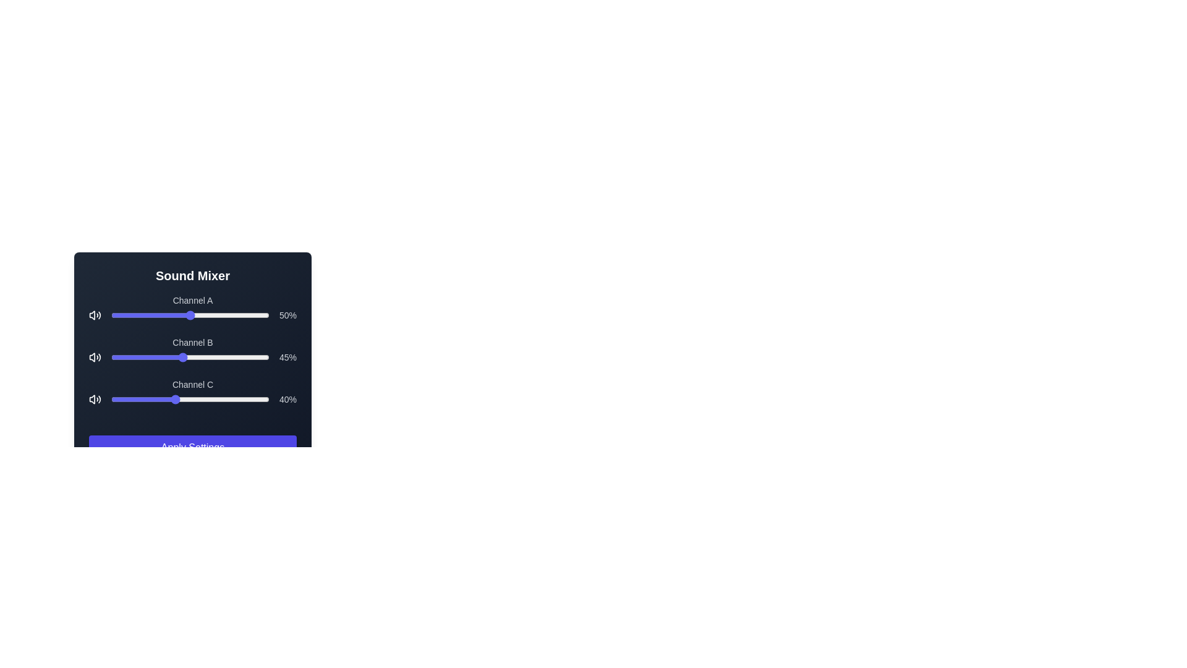 The height and width of the screenshot is (668, 1187). Describe the element at coordinates (211, 314) in the screenshot. I see `Channel A volume` at that location.